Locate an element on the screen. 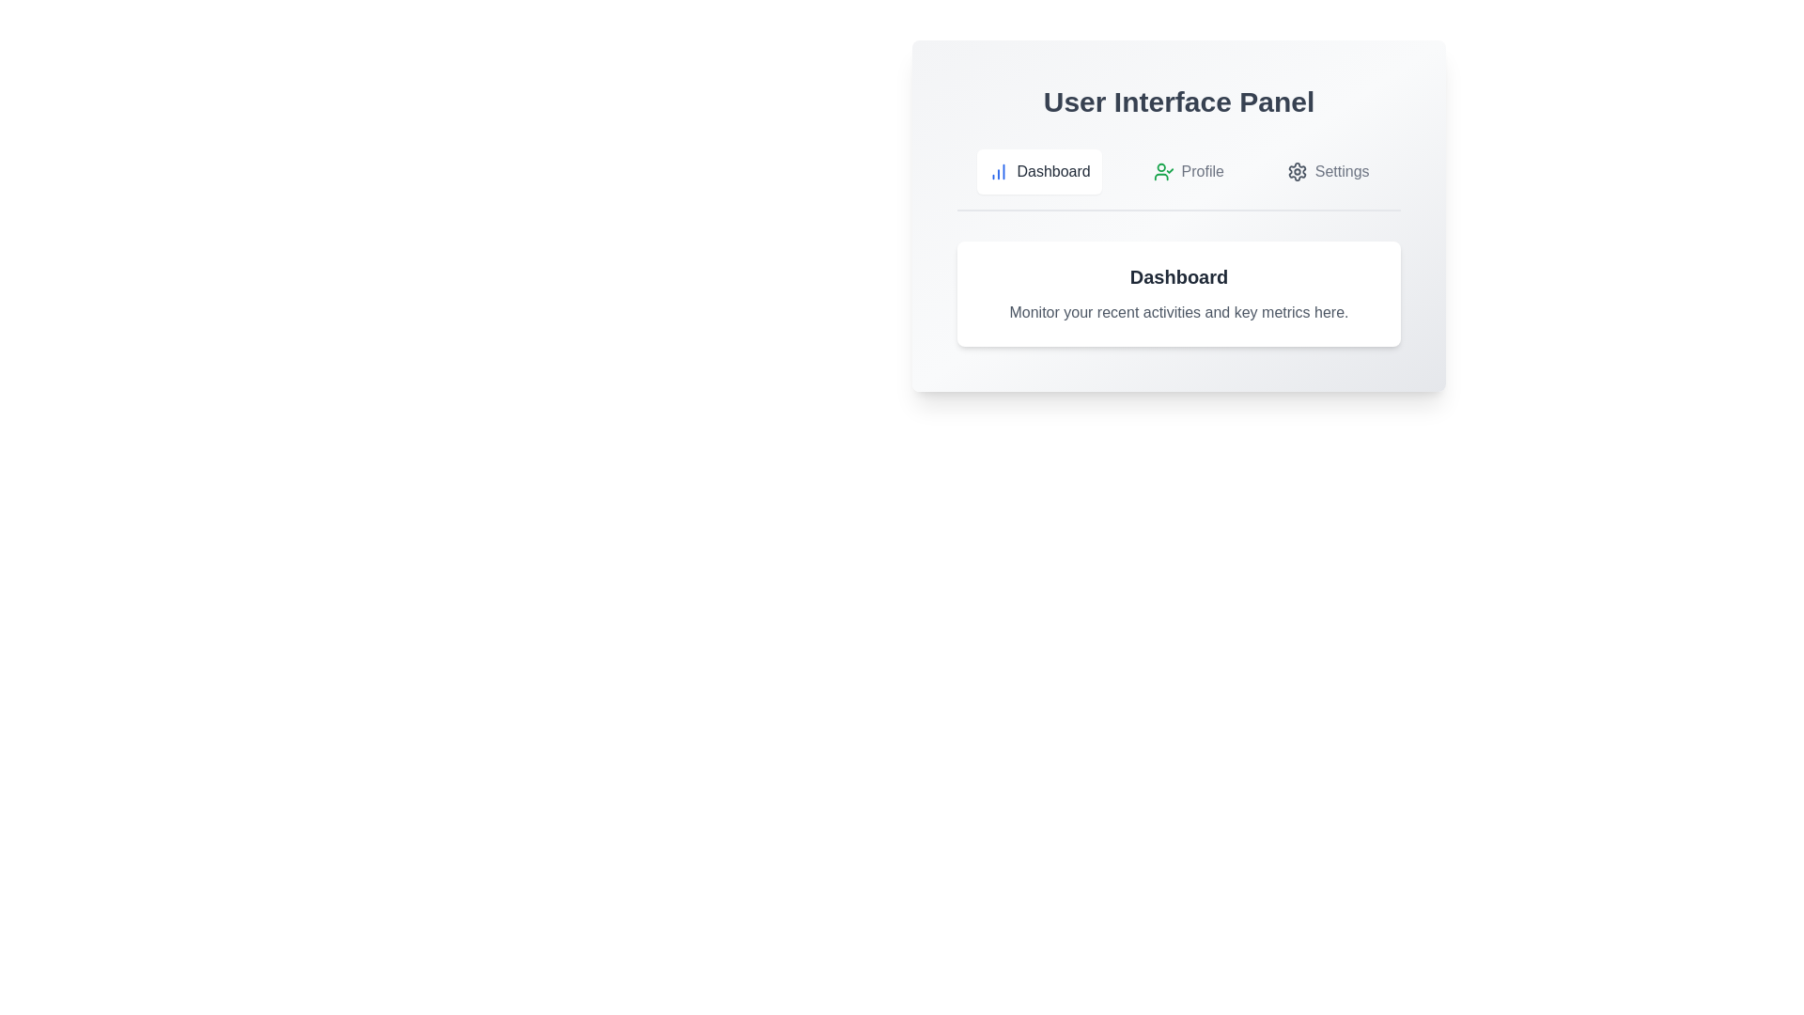 This screenshot has height=1015, width=1804. the Profile button to observe its hover effect is located at coordinates (1188, 171).